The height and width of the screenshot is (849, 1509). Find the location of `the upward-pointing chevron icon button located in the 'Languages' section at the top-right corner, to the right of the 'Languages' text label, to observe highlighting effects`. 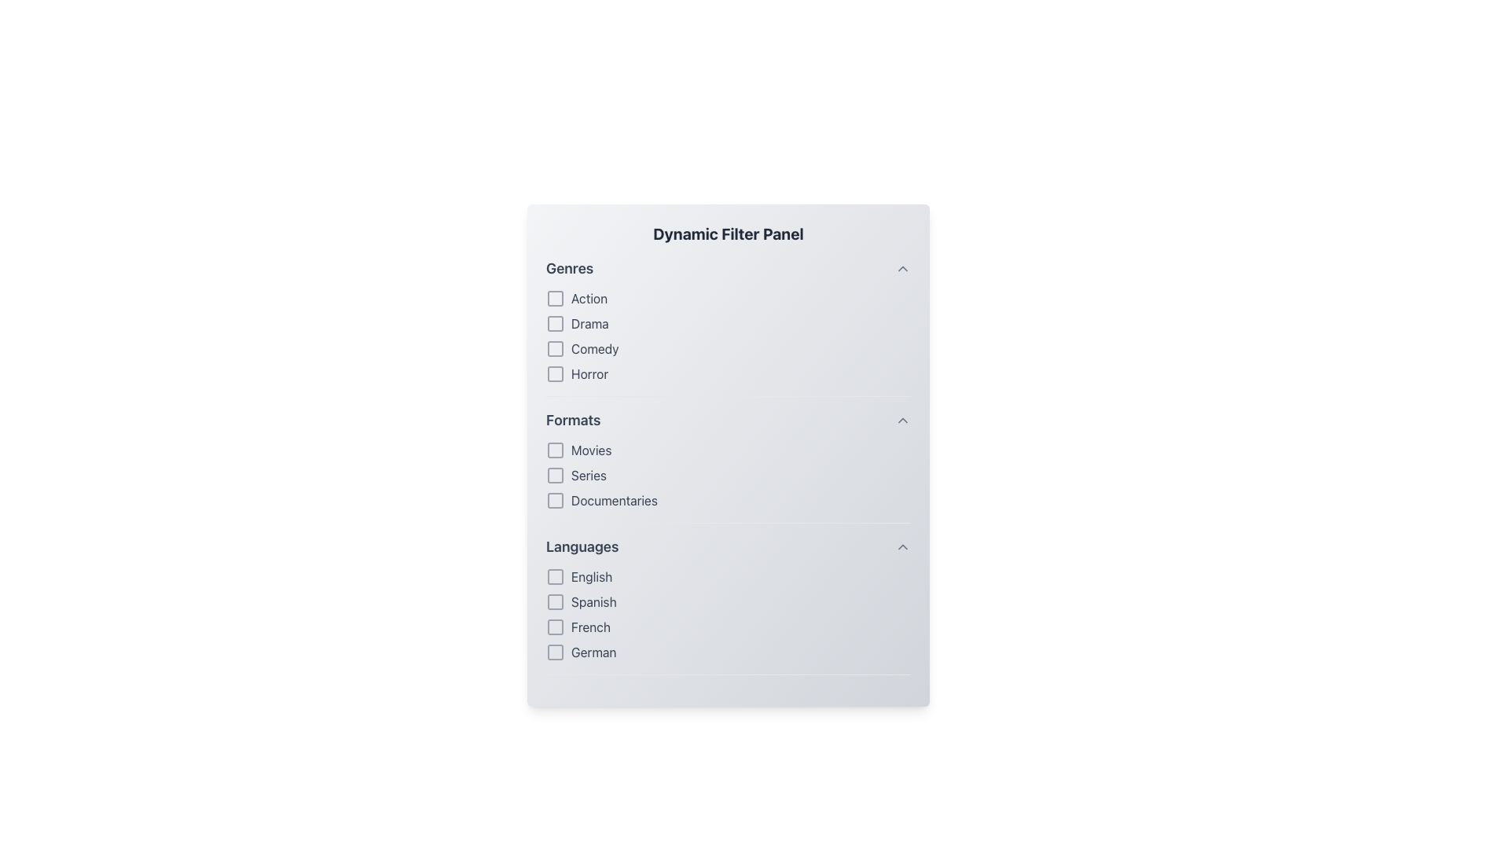

the upward-pointing chevron icon button located in the 'Languages' section at the top-right corner, to the right of the 'Languages' text label, to observe highlighting effects is located at coordinates (902, 546).